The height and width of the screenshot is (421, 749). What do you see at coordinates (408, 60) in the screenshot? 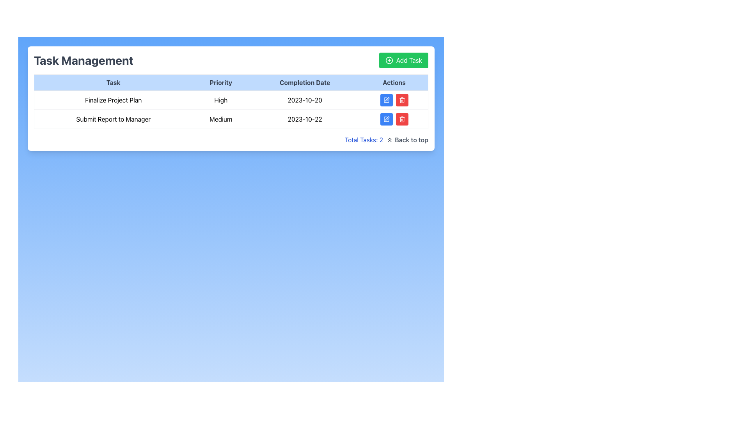
I see `the text label within the button component located near the top-right corner of the interface` at bounding box center [408, 60].